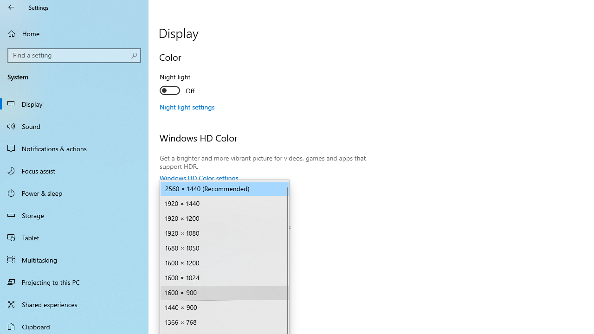 Image resolution: width=594 pixels, height=334 pixels. I want to click on 'Change the size of text, apps, and other items', so click(225, 242).